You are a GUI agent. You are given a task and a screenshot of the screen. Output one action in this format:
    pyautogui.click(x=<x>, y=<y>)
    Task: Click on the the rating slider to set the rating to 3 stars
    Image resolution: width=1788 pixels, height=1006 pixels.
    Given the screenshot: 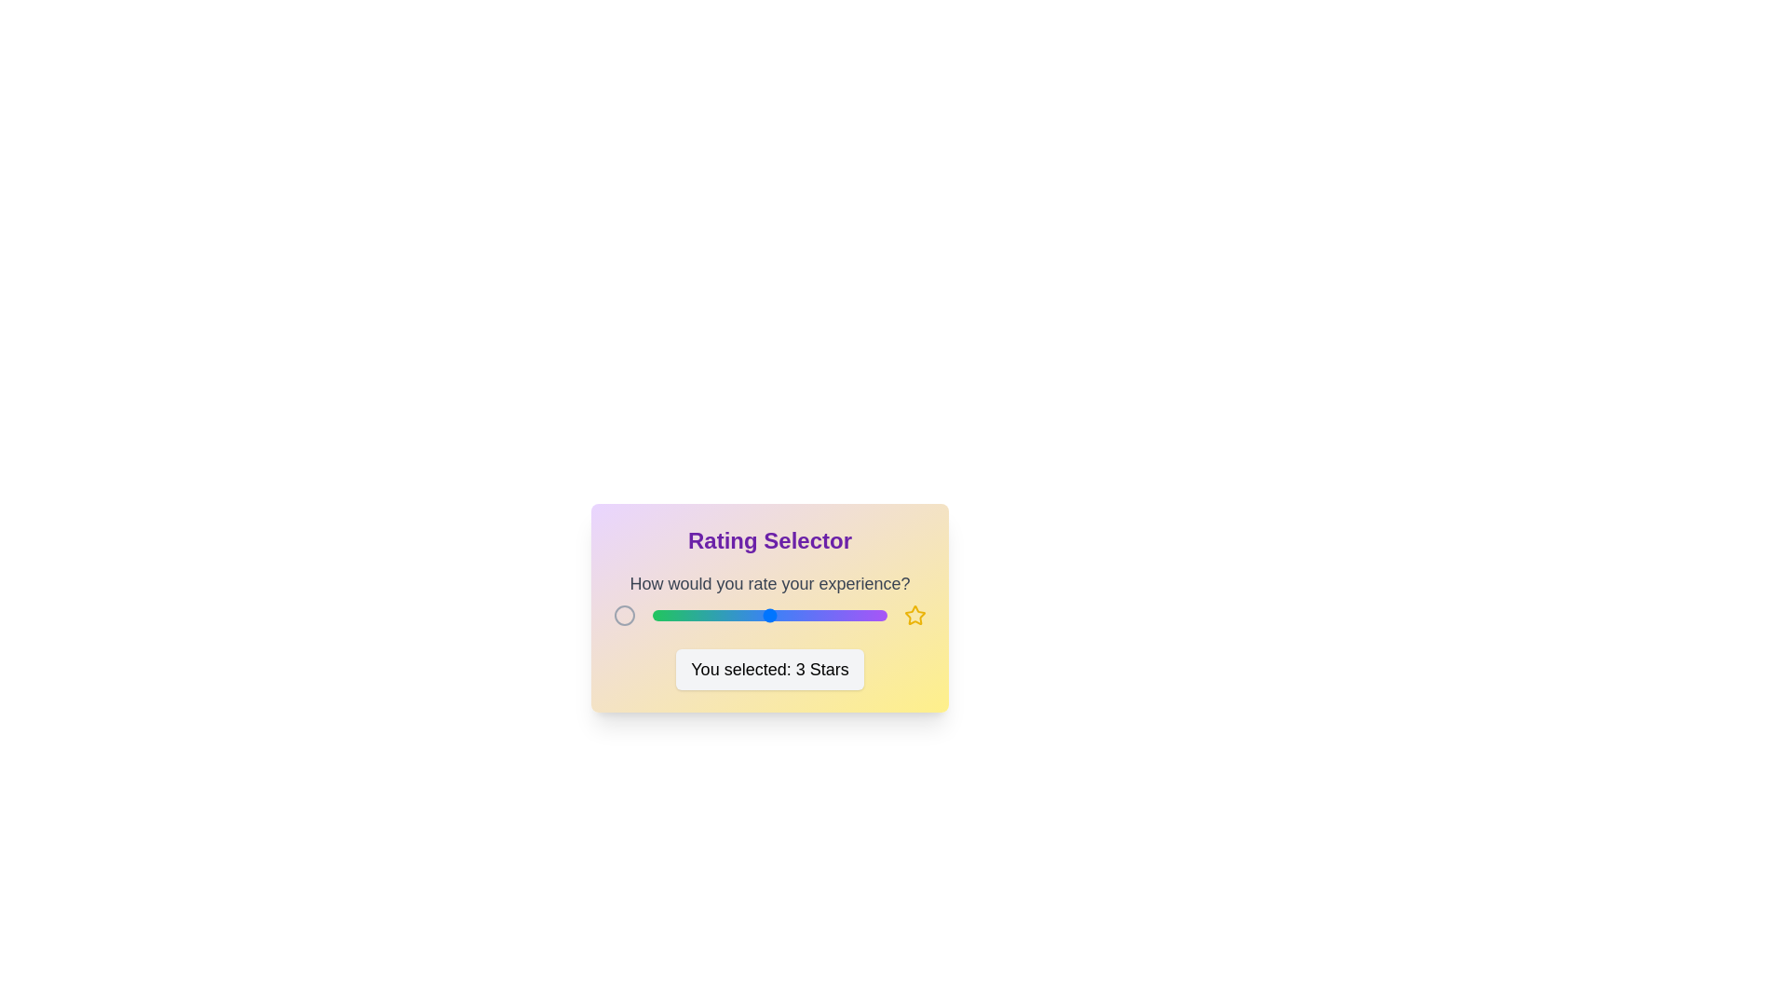 What is the action you would take?
    pyautogui.click(x=769, y=615)
    